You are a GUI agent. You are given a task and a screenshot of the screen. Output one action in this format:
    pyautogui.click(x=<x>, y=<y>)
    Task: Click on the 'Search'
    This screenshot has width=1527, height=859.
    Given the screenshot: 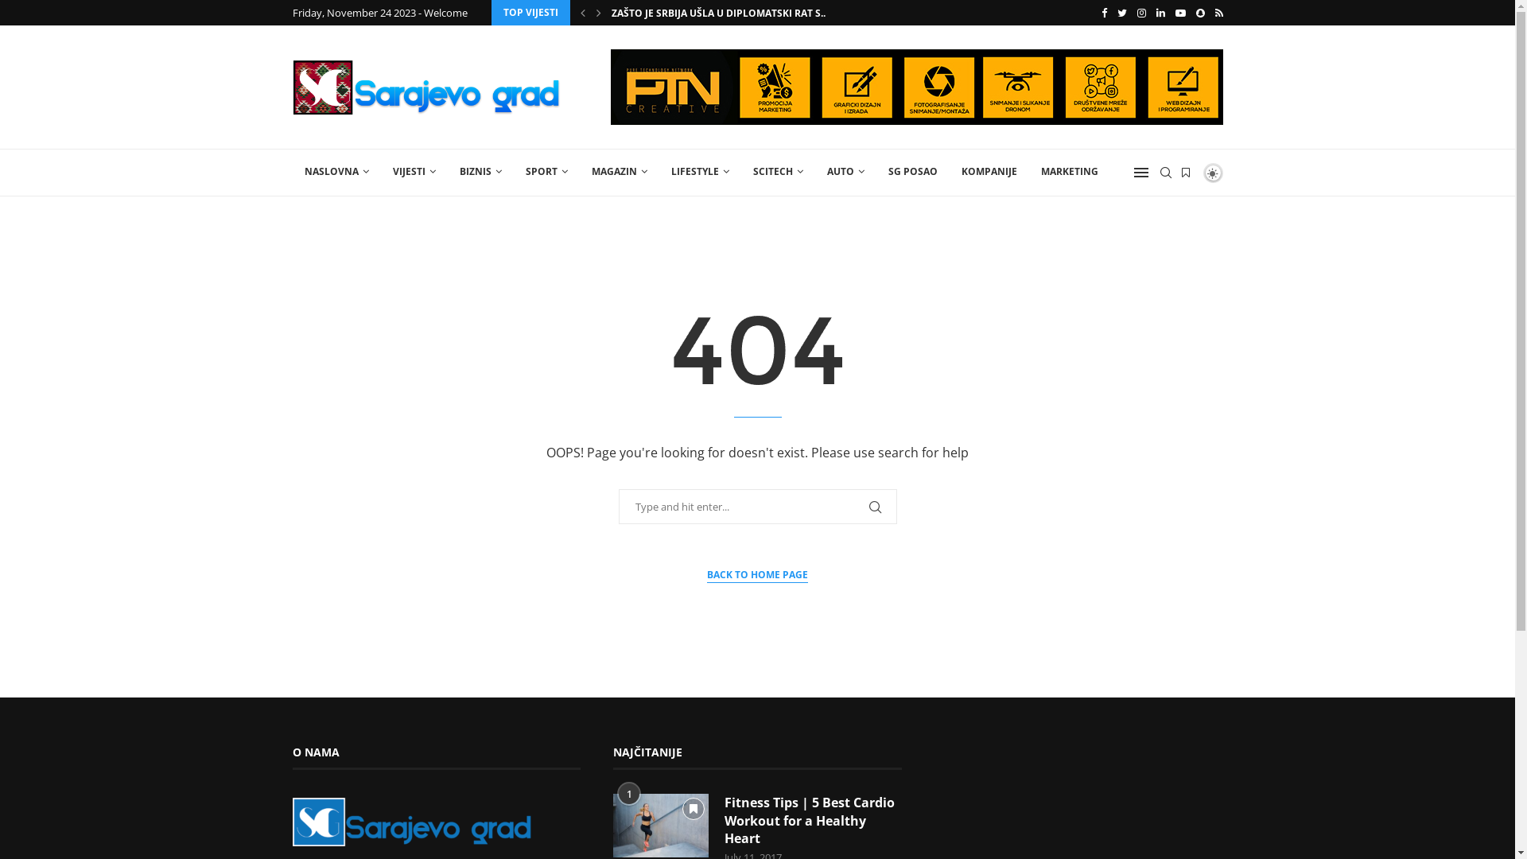 What is the action you would take?
    pyautogui.click(x=35, y=15)
    